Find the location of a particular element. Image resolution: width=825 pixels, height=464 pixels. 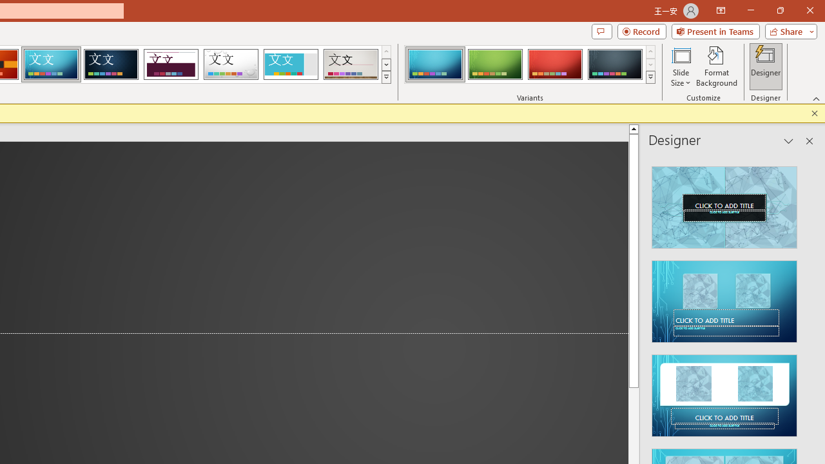

'Recommended Design: Design Idea' is located at coordinates (724, 203).